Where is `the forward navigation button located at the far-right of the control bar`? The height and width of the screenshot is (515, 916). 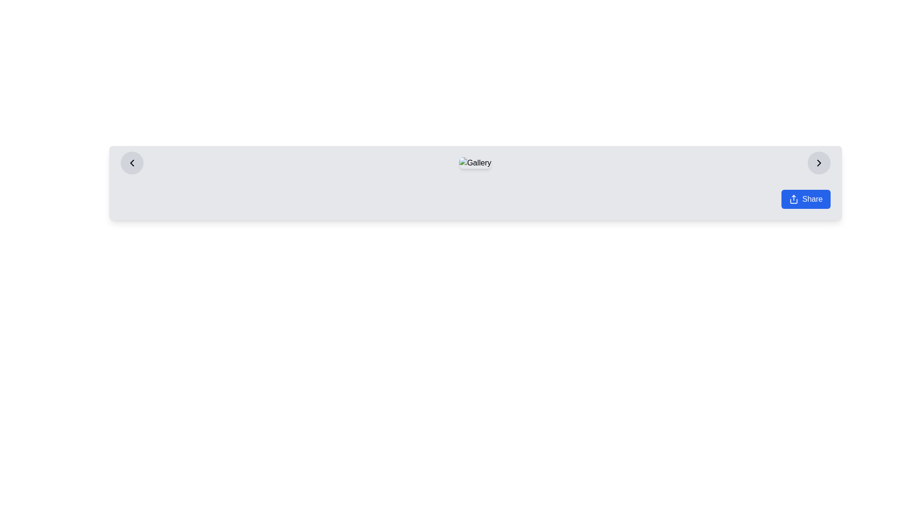
the forward navigation button located at the far-right of the control bar is located at coordinates (818, 163).